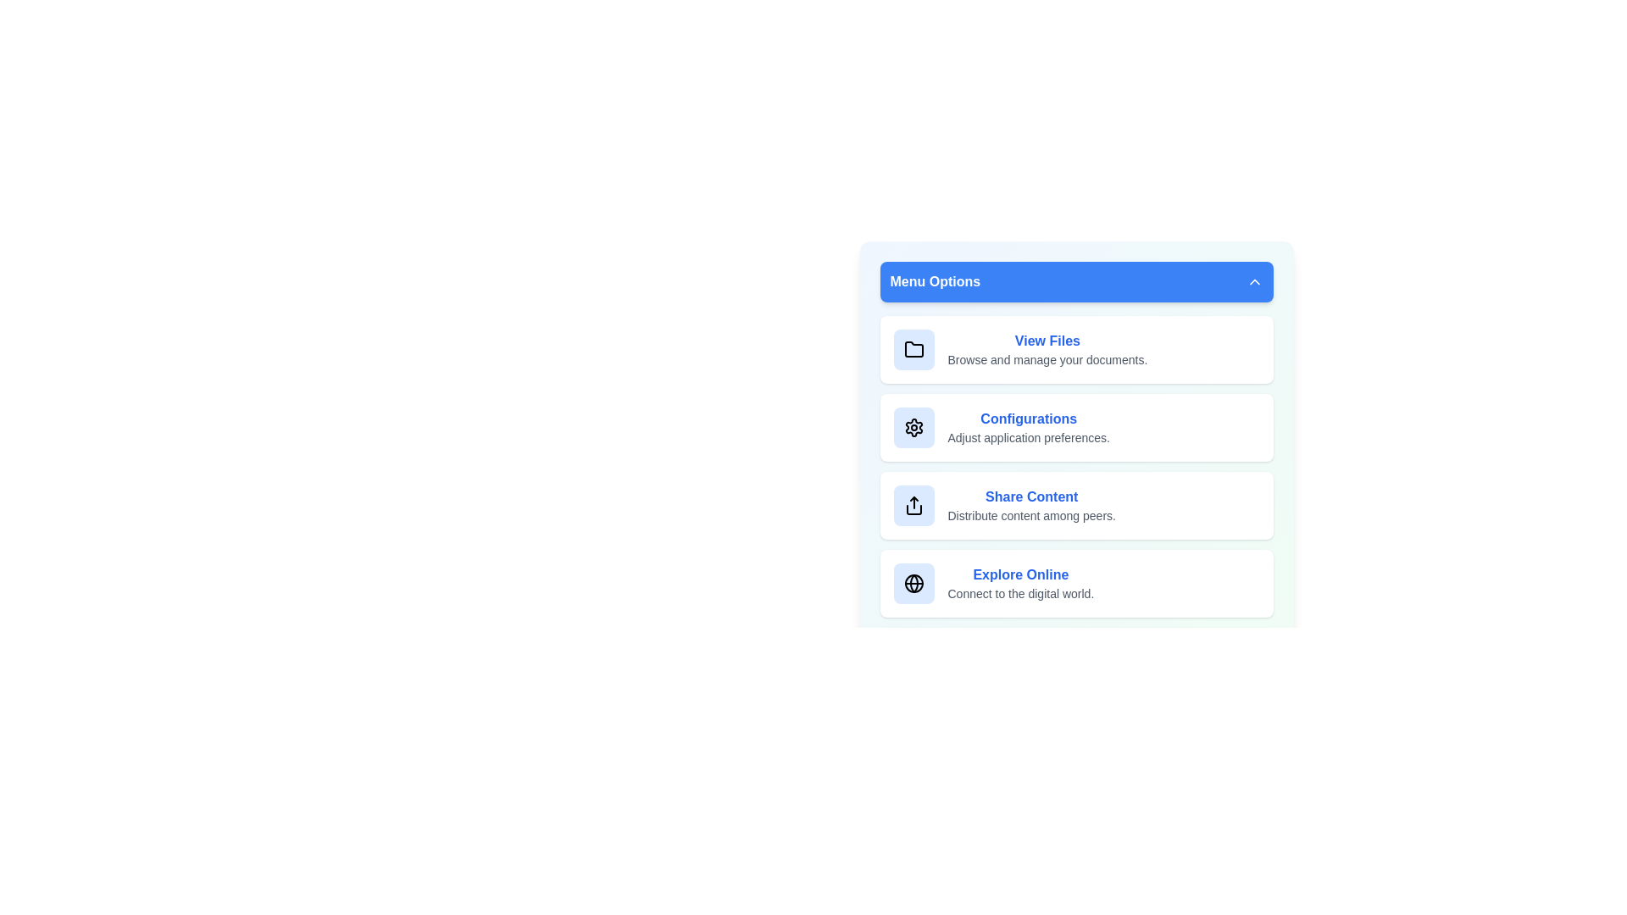 Image resolution: width=1627 pixels, height=915 pixels. I want to click on the menu item Share Content from the menu, so click(1075, 505).